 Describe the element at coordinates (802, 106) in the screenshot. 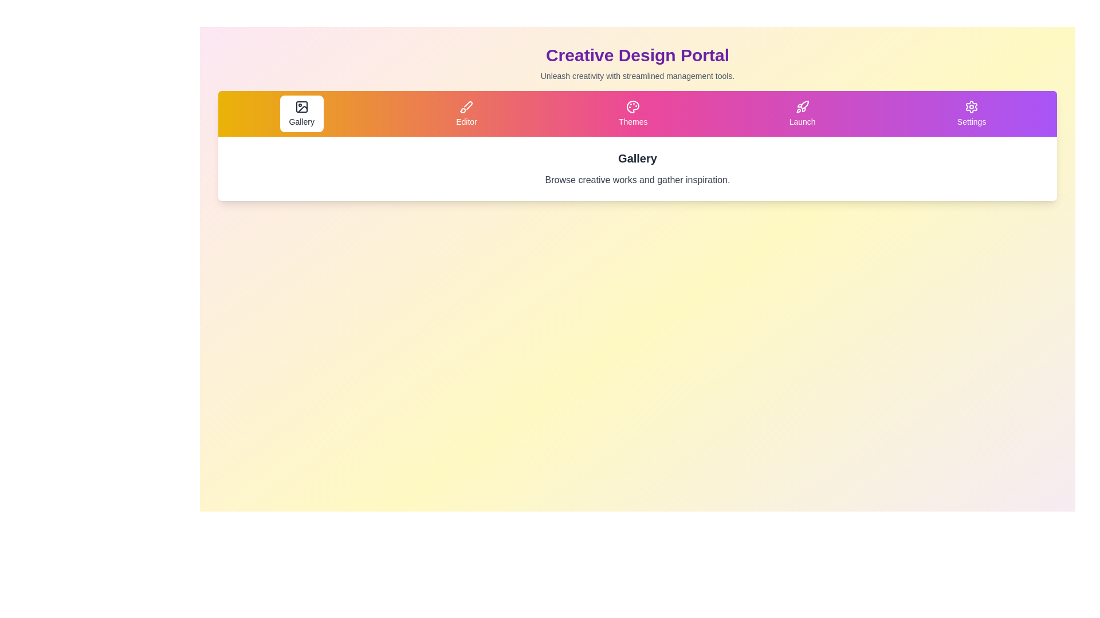

I see `the launch icon located in the third section from the left in the navigation bar, directly above the text label 'Launch'` at that location.